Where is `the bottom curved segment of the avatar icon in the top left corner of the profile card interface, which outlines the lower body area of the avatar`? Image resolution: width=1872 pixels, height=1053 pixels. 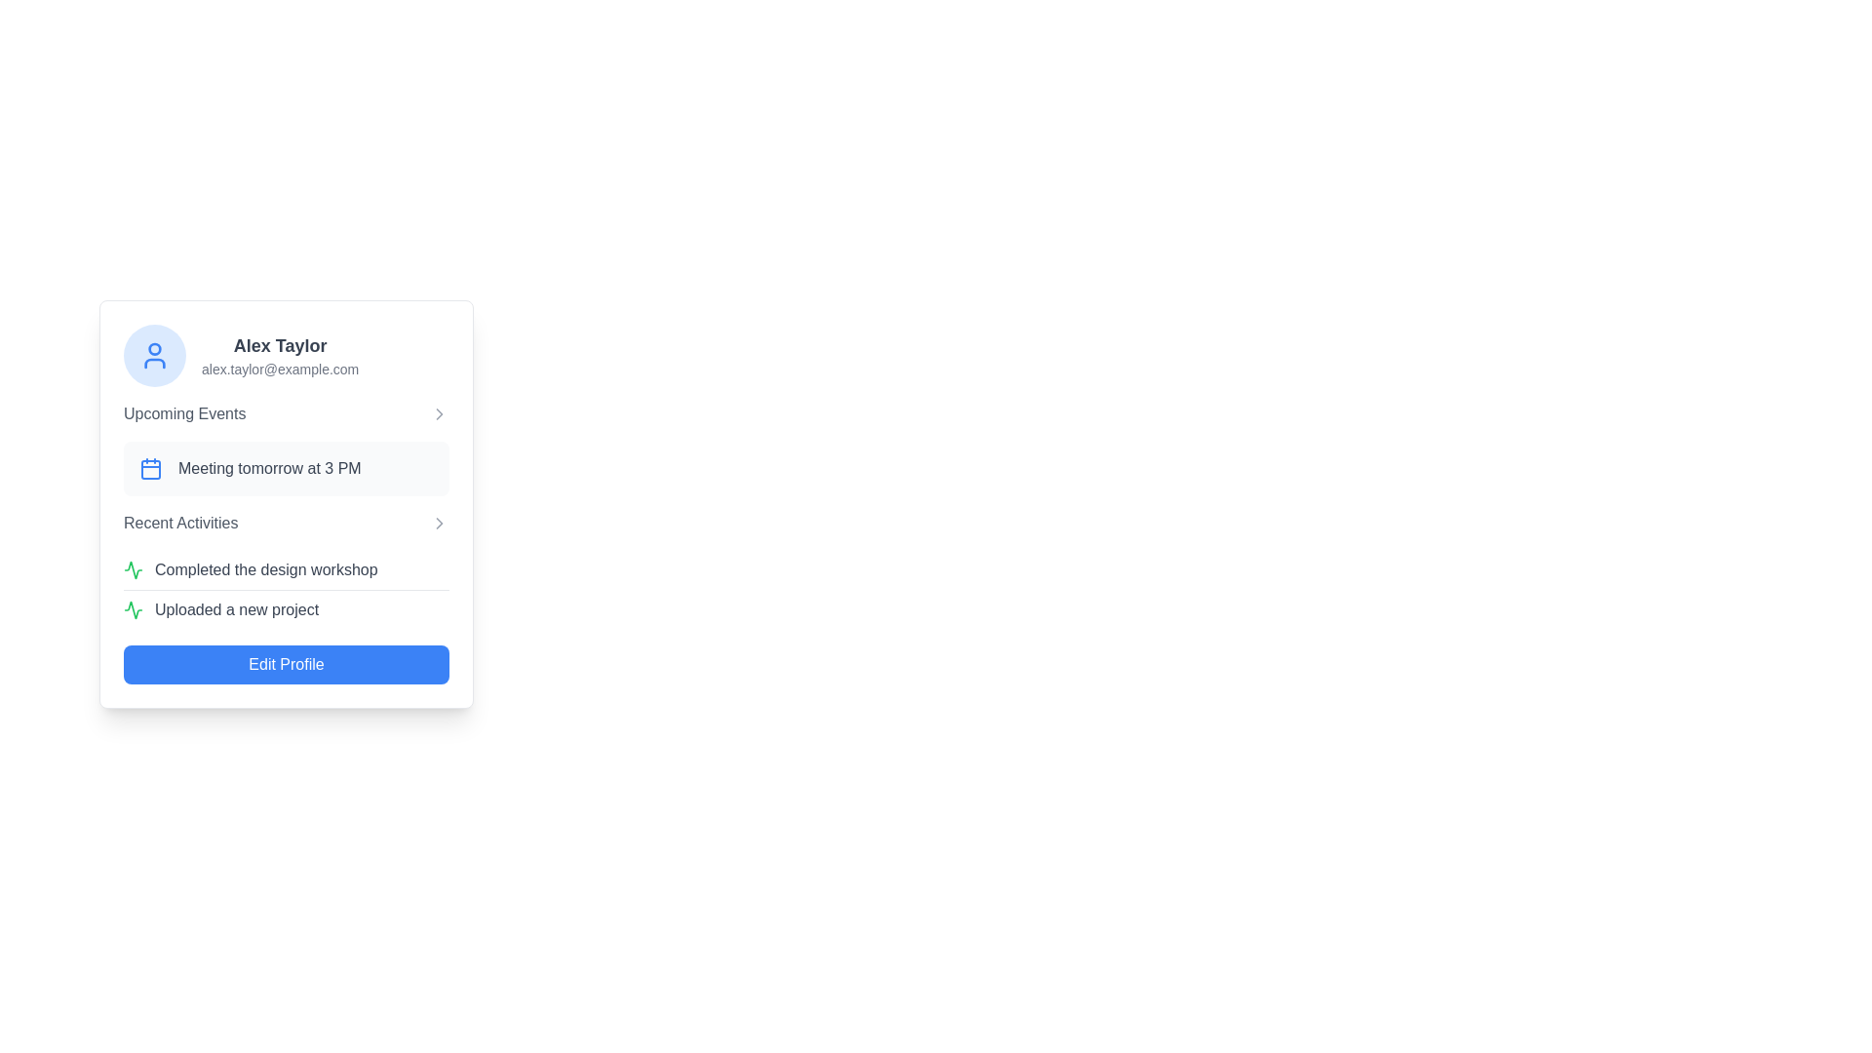
the bottom curved segment of the avatar icon in the top left corner of the profile card interface, which outlines the lower body area of the avatar is located at coordinates (153, 364).